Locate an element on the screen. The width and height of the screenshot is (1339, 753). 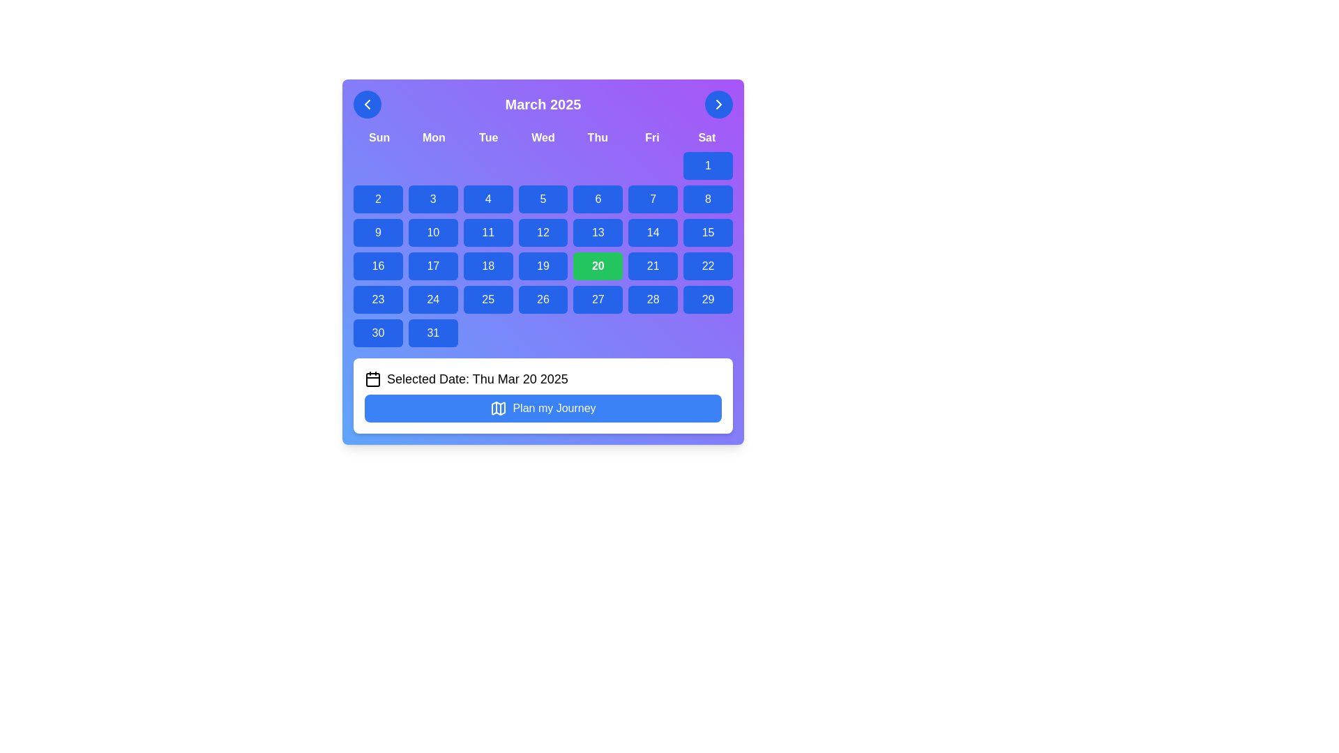
the rectangular blue button displaying '31' to trigger its hover state is located at coordinates (432, 333).